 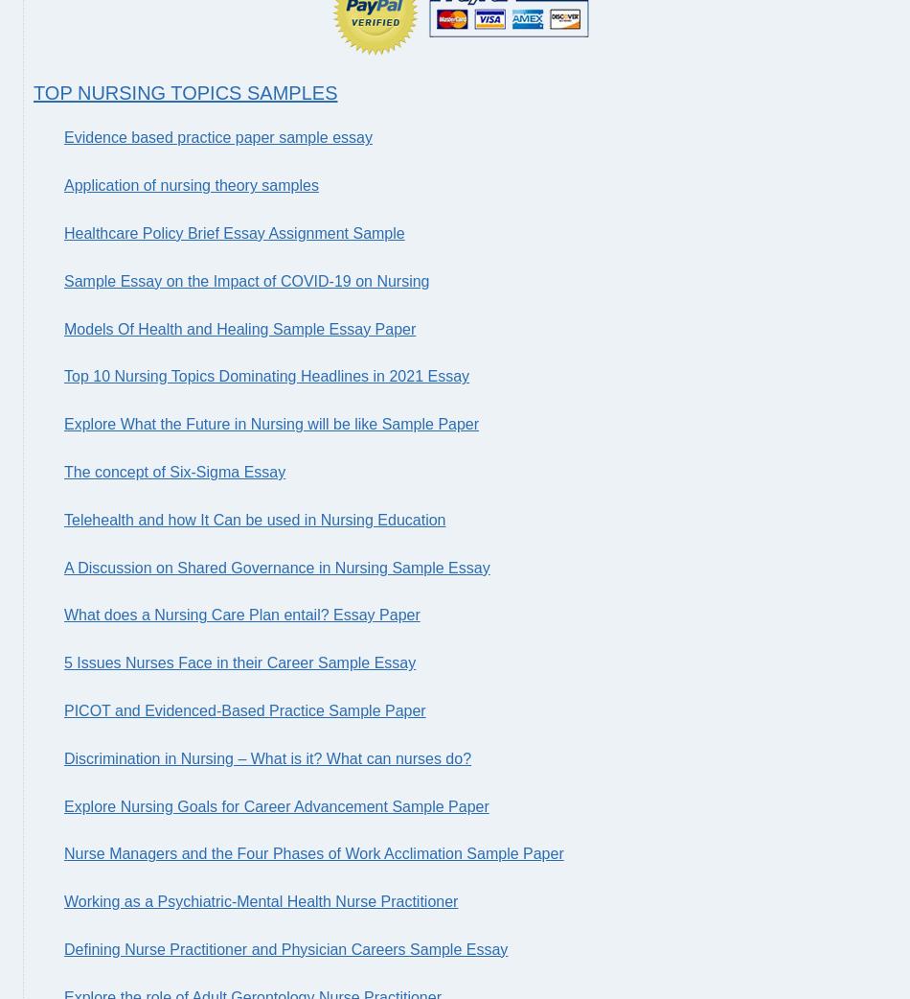 What do you see at coordinates (312, 852) in the screenshot?
I see `'Nurse Managers and the Four Phases of Work Acclimation Sample Paper'` at bounding box center [312, 852].